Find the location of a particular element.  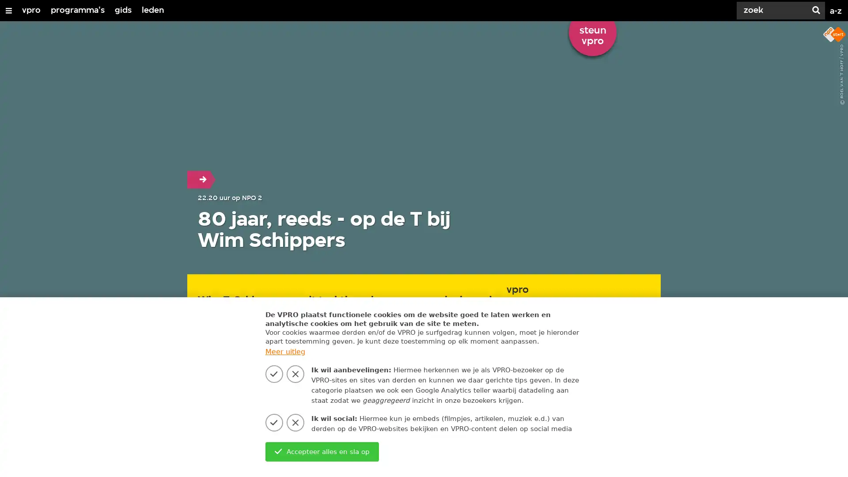

Accepteer alles en sla op is located at coordinates (321, 451).